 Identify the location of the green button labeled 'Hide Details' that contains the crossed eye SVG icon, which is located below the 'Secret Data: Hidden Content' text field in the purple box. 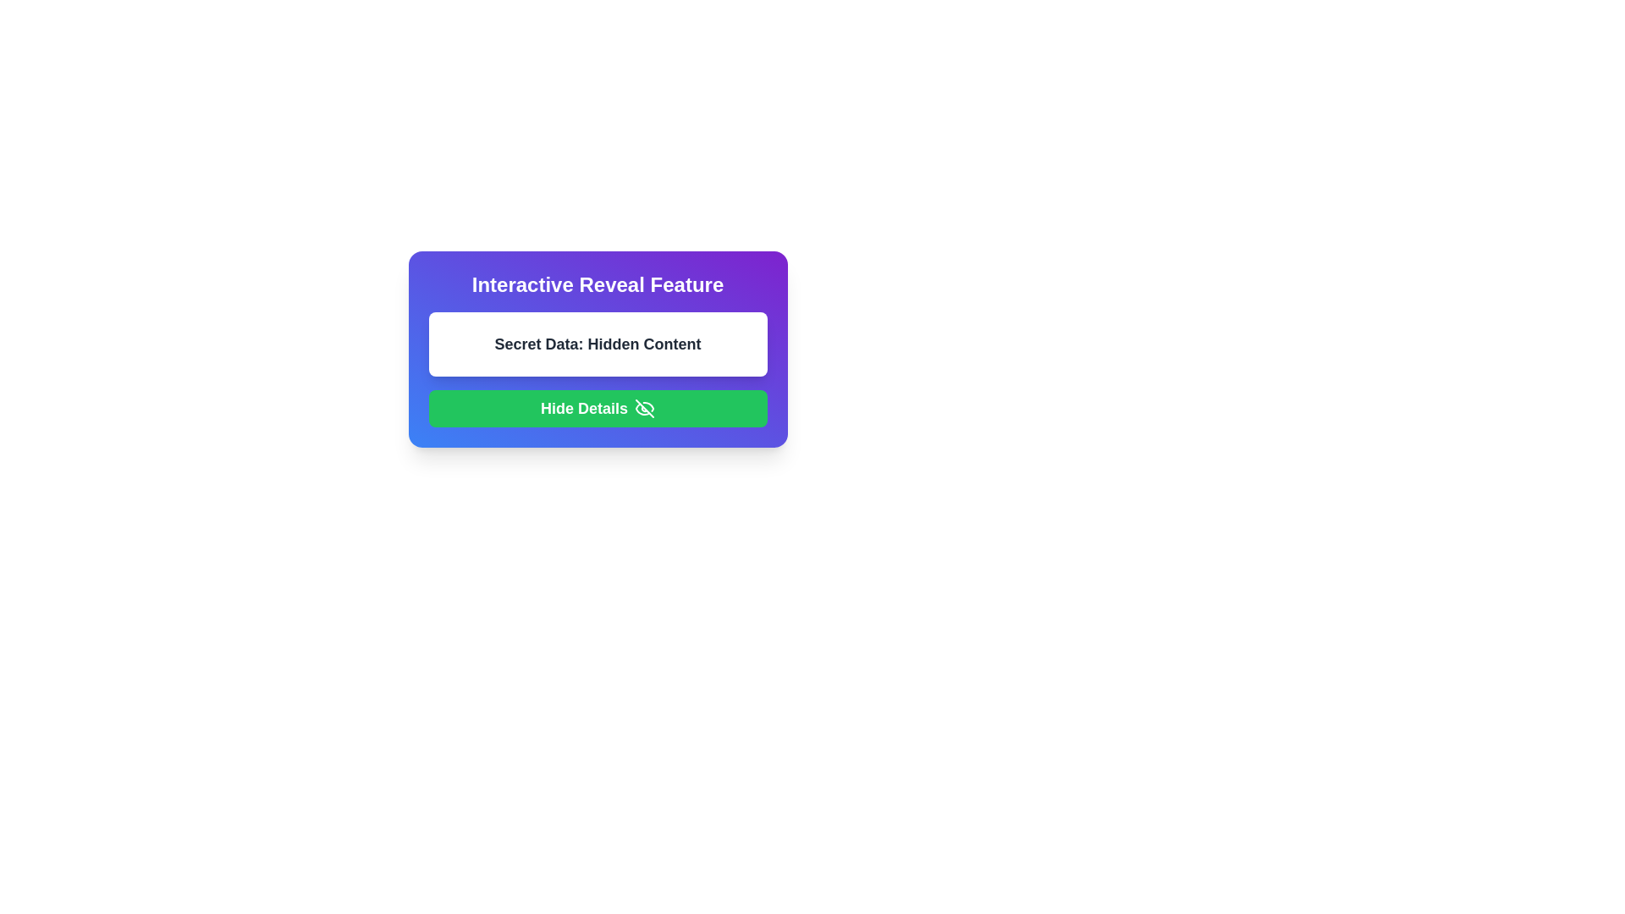
(644, 408).